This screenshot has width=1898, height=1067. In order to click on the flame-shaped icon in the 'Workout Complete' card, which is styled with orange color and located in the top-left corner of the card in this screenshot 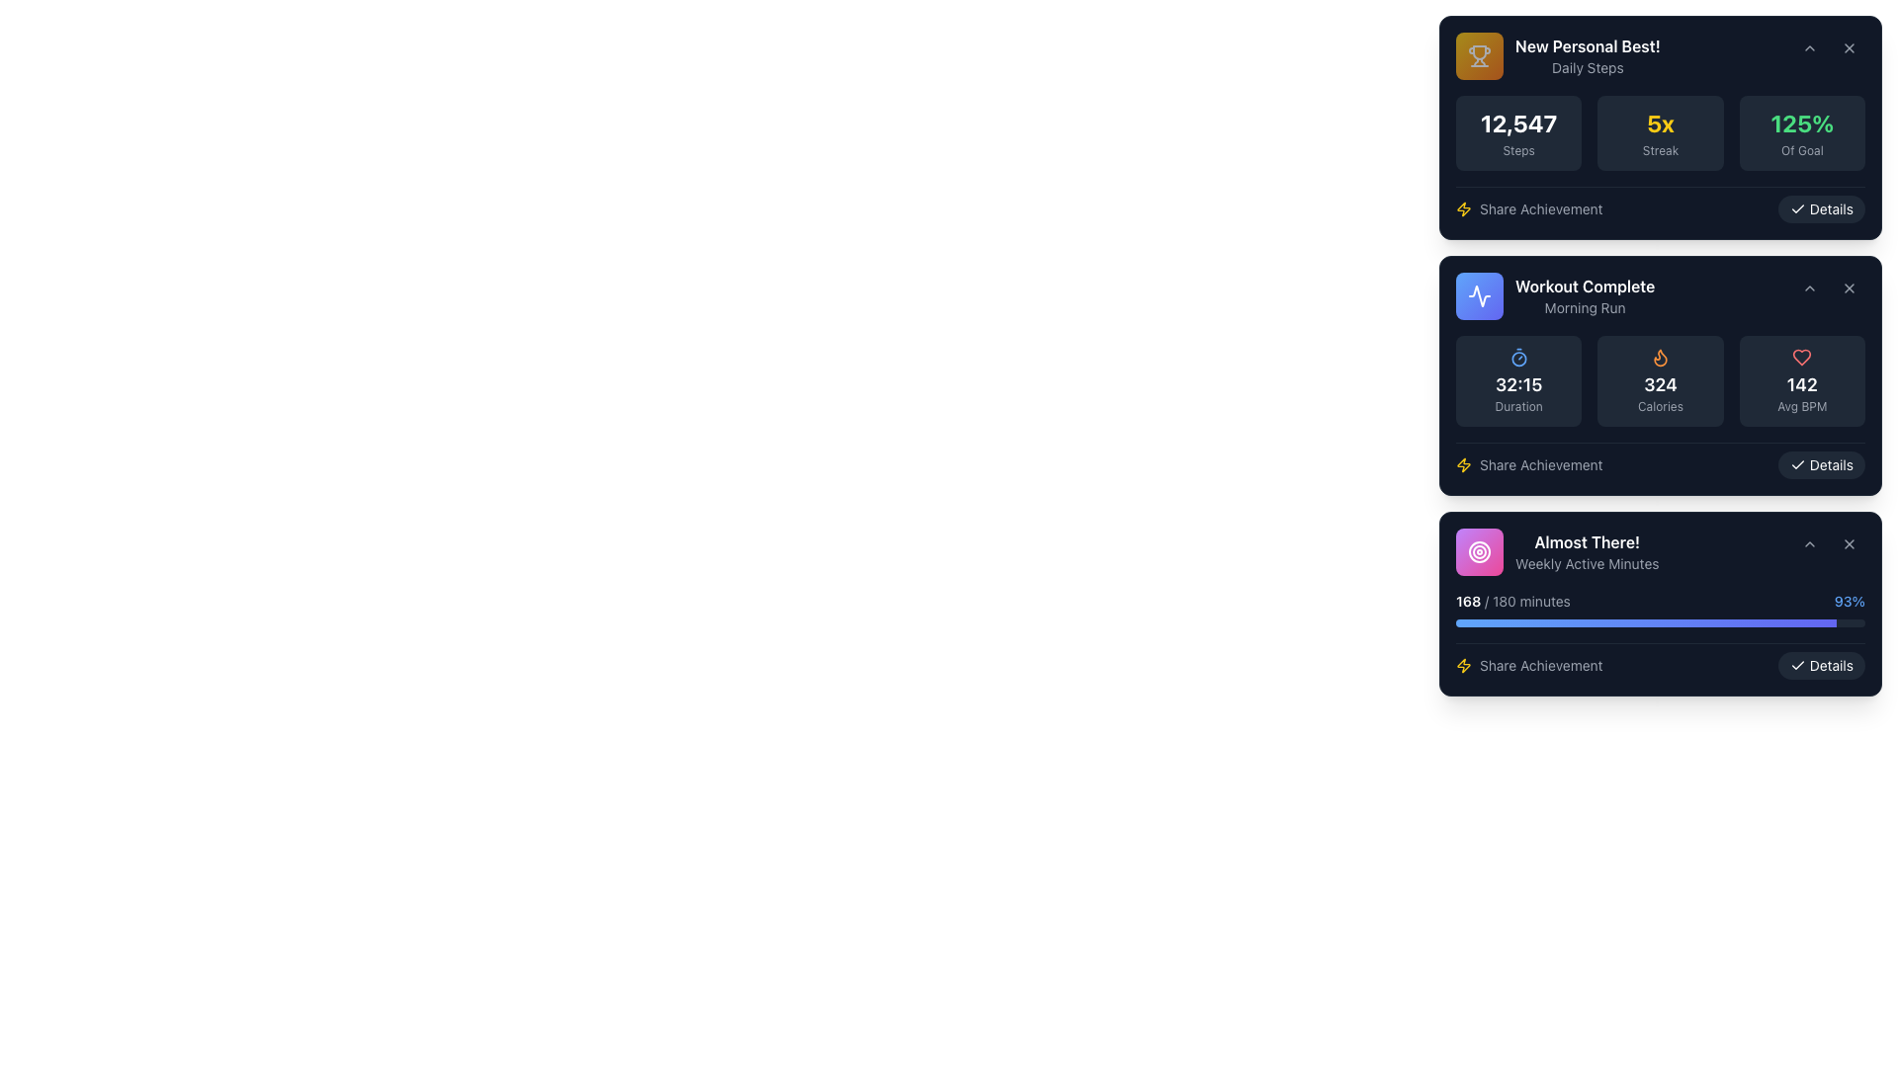, I will do `click(1661, 358)`.